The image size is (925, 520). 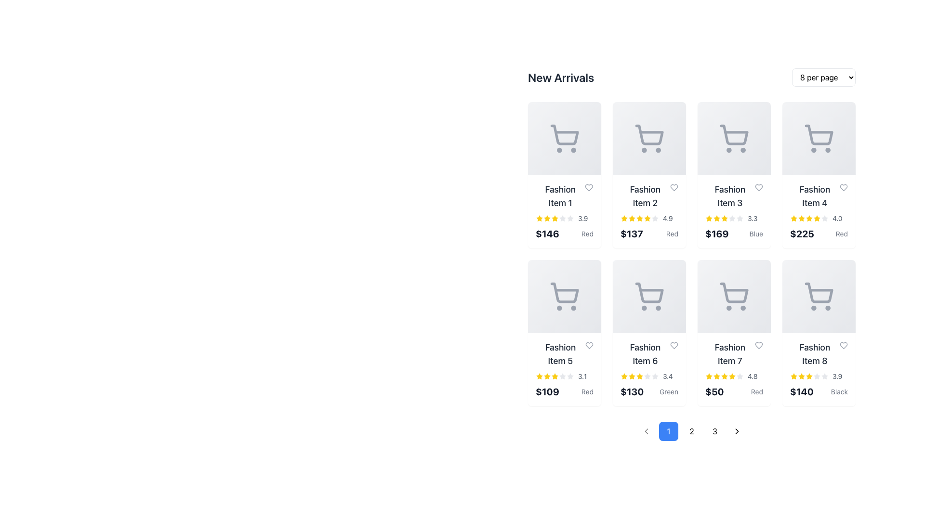 What do you see at coordinates (724, 376) in the screenshot?
I see `the fifth yellow star icon in the rating stars row, located at the bottom right of the product card labeled 'Fashion Item 7' beneath '4.8'` at bounding box center [724, 376].